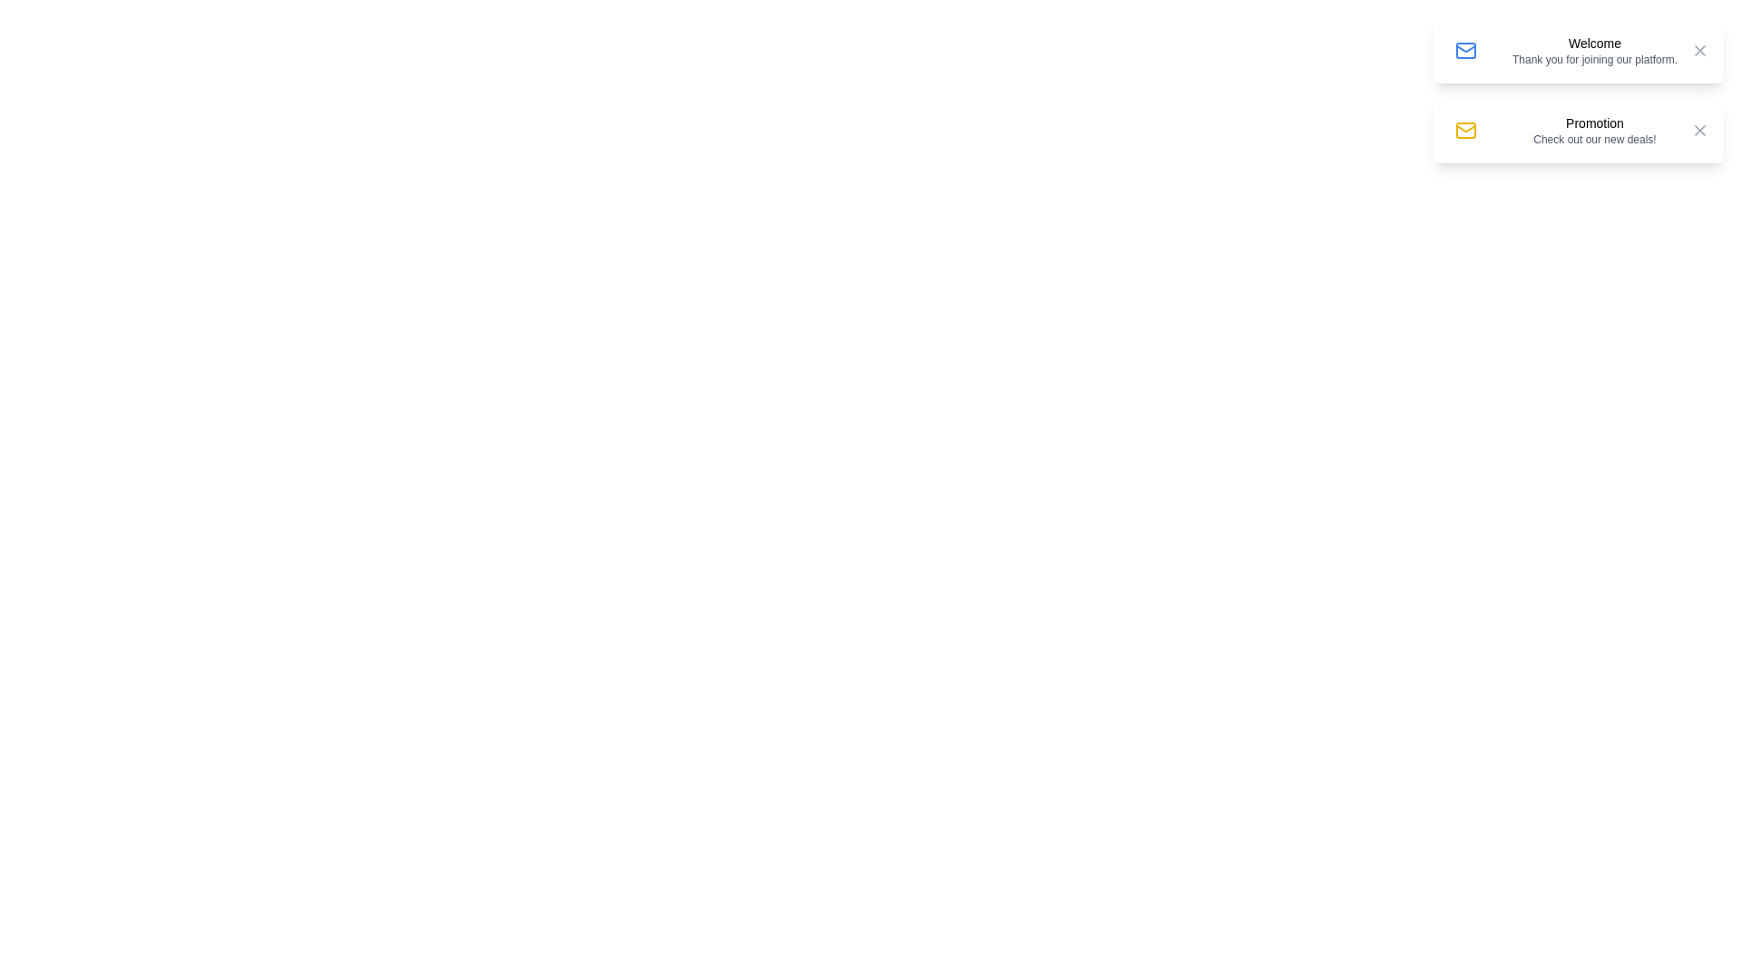 This screenshot has width=1742, height=980. I want to click on welcome message displayed in the notification popup at the top right of the interface, located to the right of the envelope icon and above the close button, so click(1587, 50).